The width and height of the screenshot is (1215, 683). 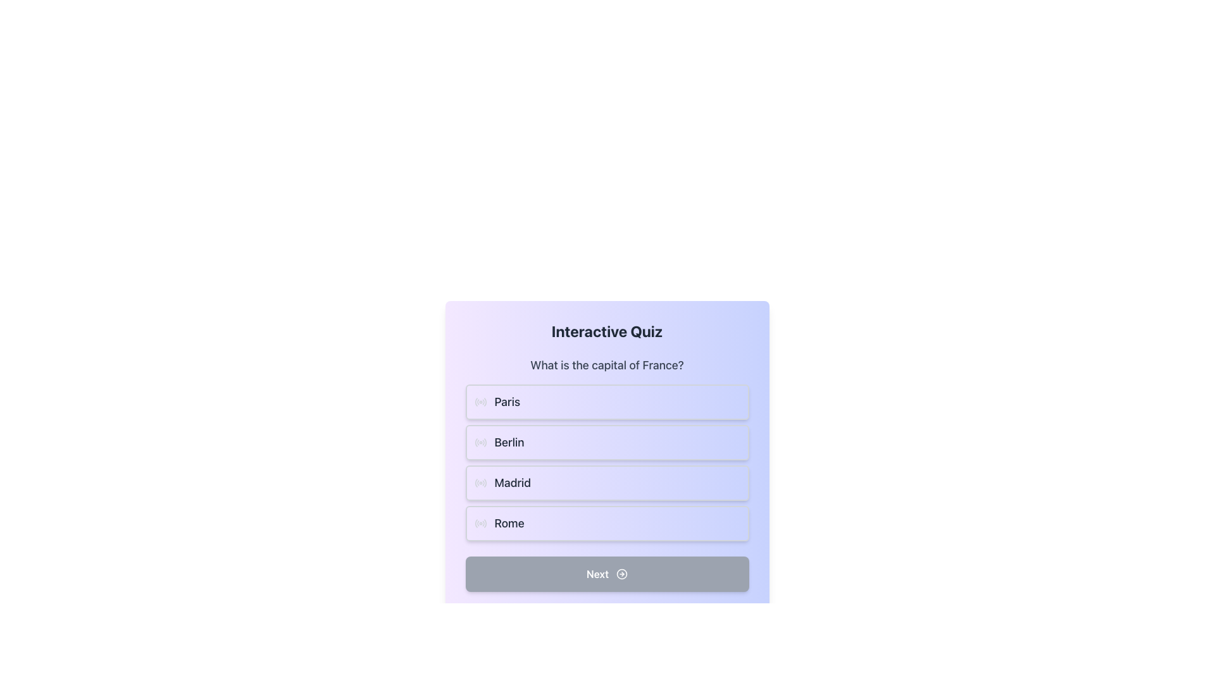 What do you see at coordinates (509, 524) in the screenshot?
I see `the text displaying the word 'Rome' to trigger a visual highlighting effect, which is the last item in the multiple-choice list` at bounding box center [509, 524].